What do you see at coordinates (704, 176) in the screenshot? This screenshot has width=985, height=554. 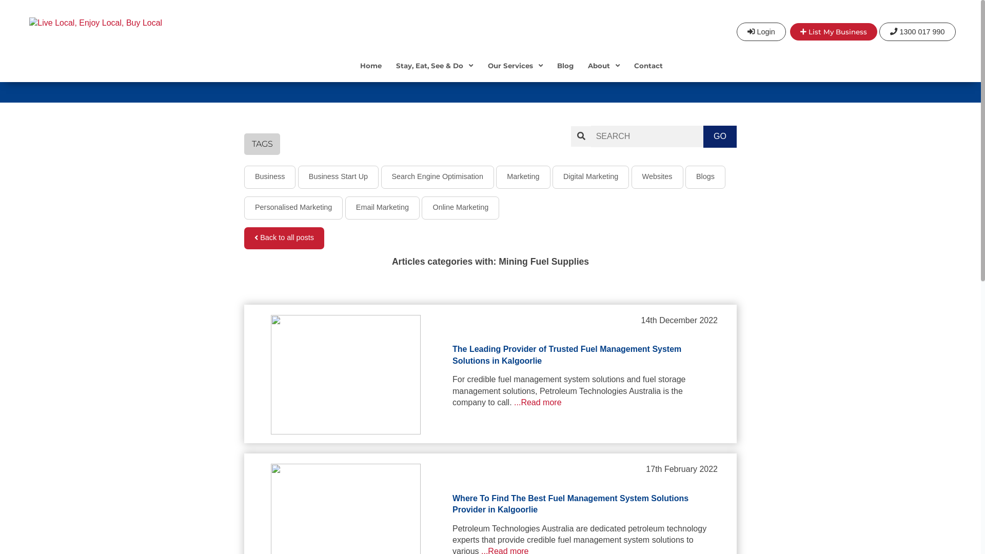 I see `'Blogs'` at bounding box center [704, 176].